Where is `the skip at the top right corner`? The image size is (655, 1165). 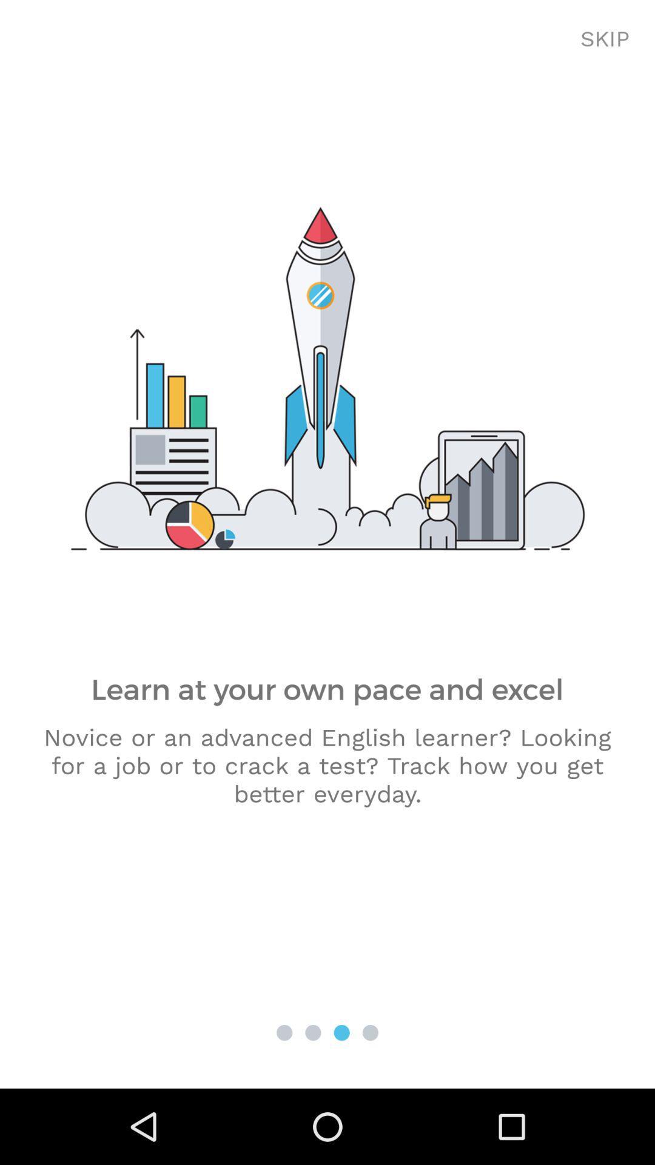 the skip at the top right corner is located at coordinates (605, 39).